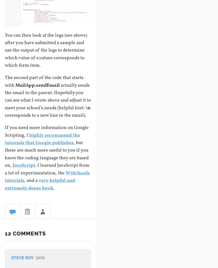 This screenshot has height=268, width=218. What do you see at coordinates (25, 233) in the screenshot?
I see `'12 Comments'` at bounding box center [25, 233].